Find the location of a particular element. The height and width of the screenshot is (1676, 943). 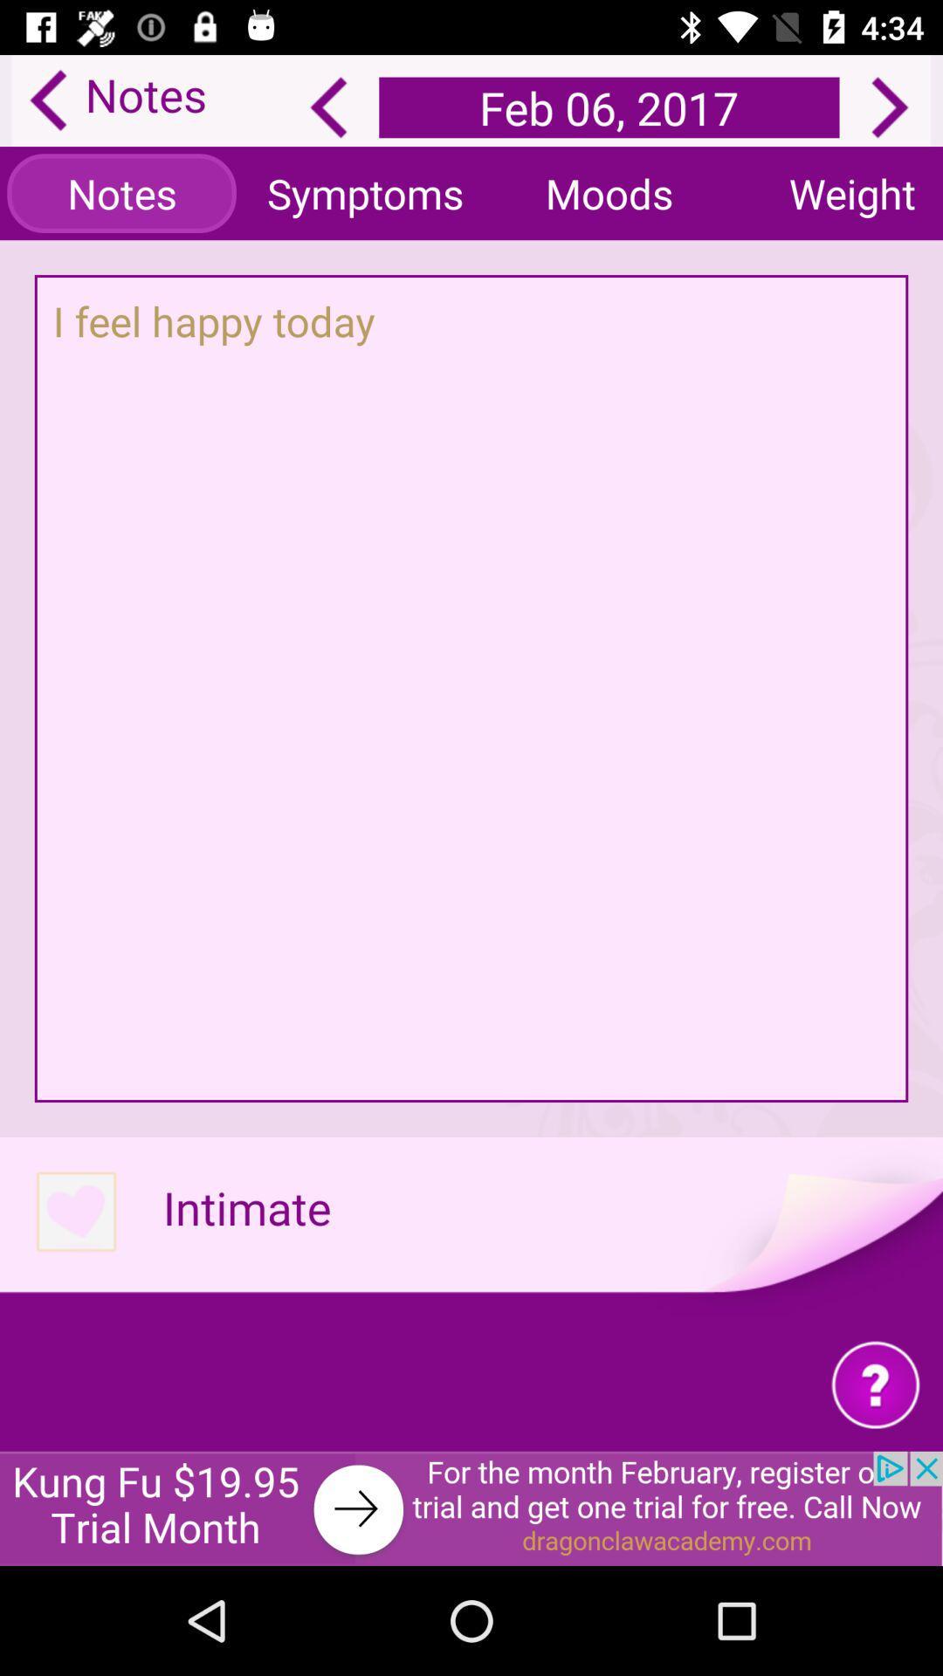

show help is located at coordinates (876, 1383).